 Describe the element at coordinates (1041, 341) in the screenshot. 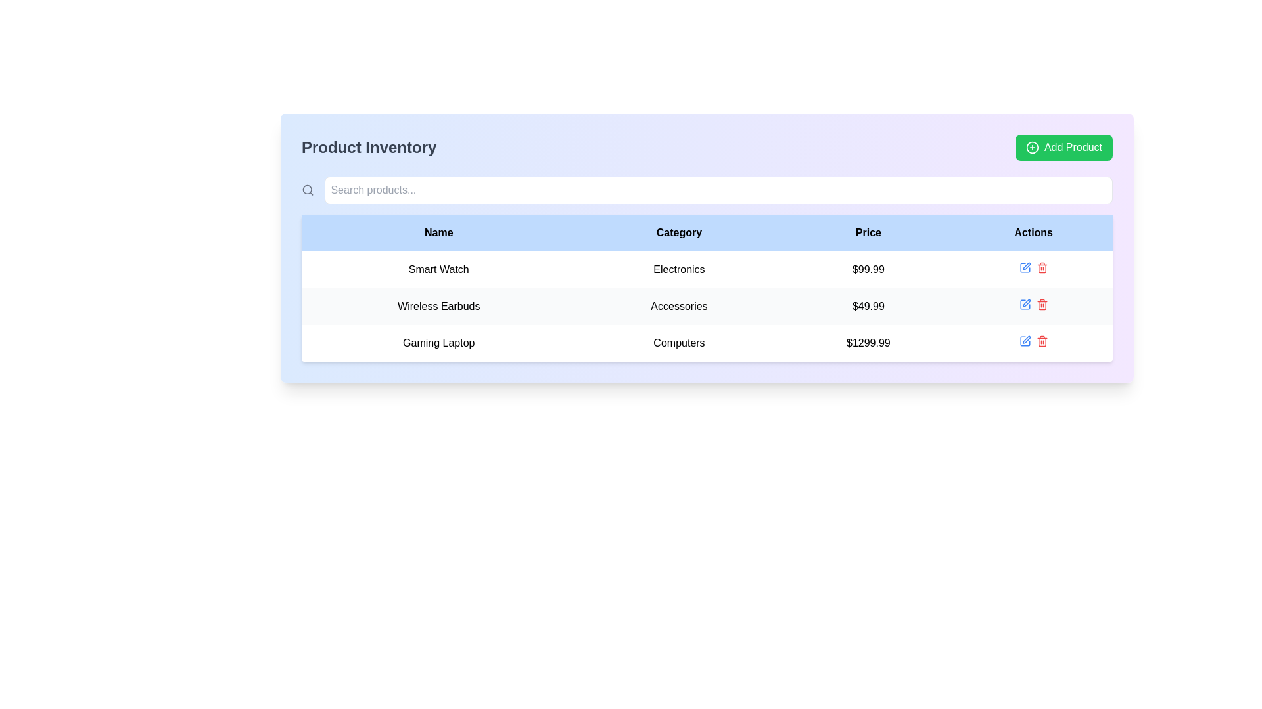

I see `the deletion icon button located in the 'Actions' column next to the edit icon for the 'Gaming Laptop' item` at that location.